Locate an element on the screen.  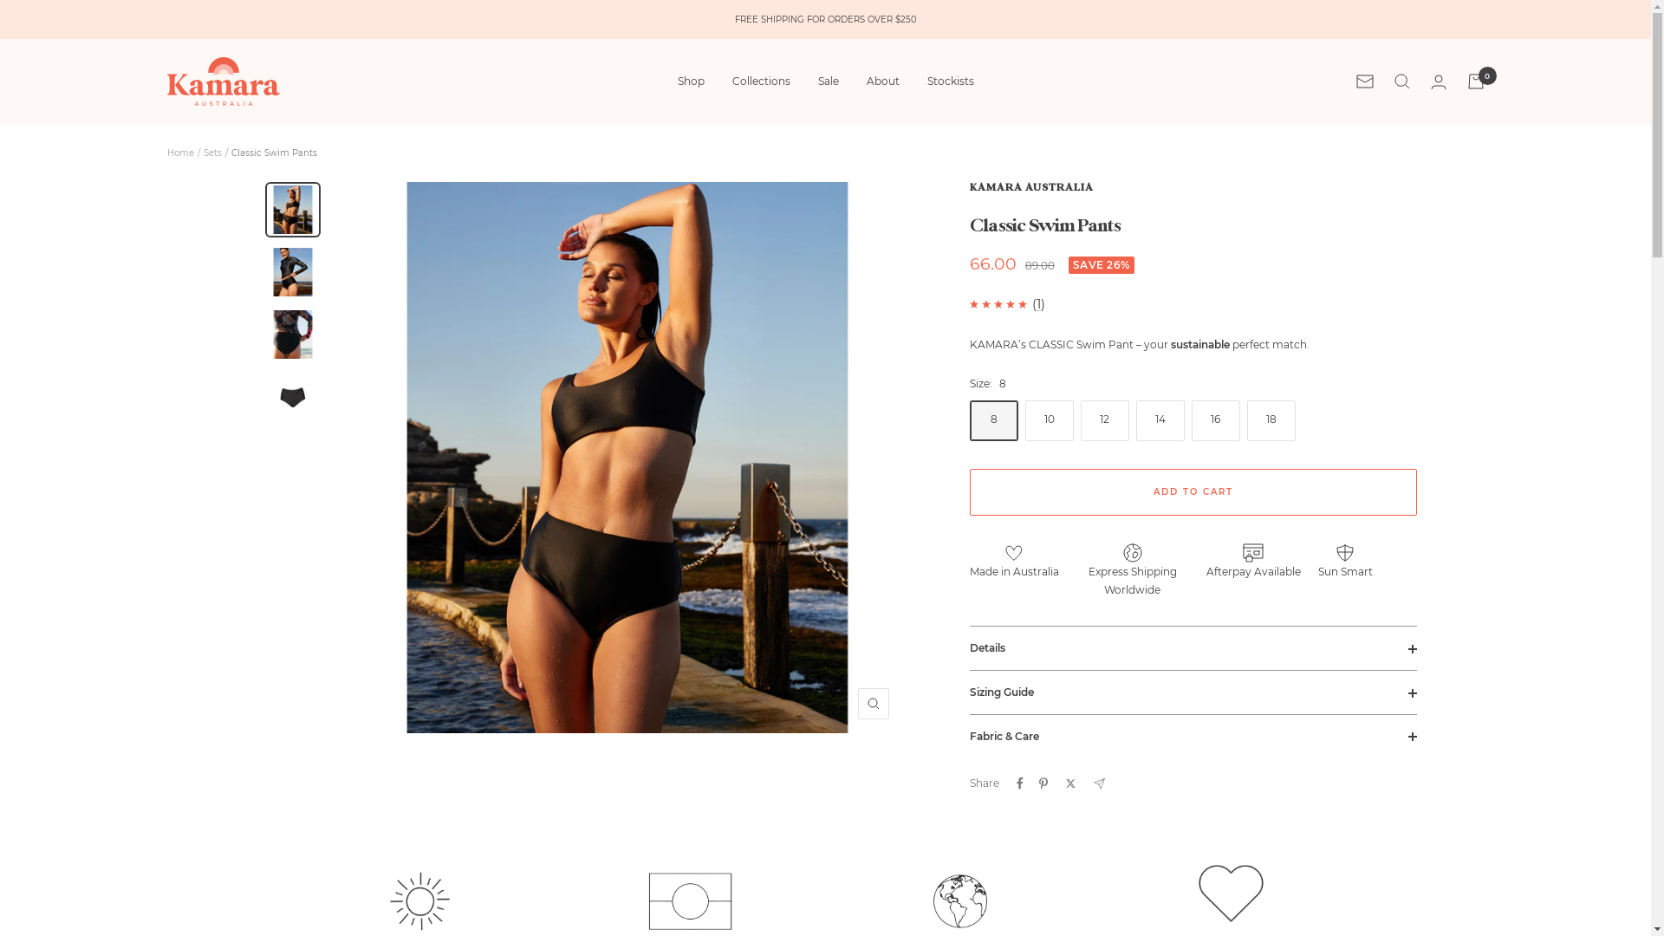
'KAMARA AUSTRALIA' is located at coordinates (1031, 187).